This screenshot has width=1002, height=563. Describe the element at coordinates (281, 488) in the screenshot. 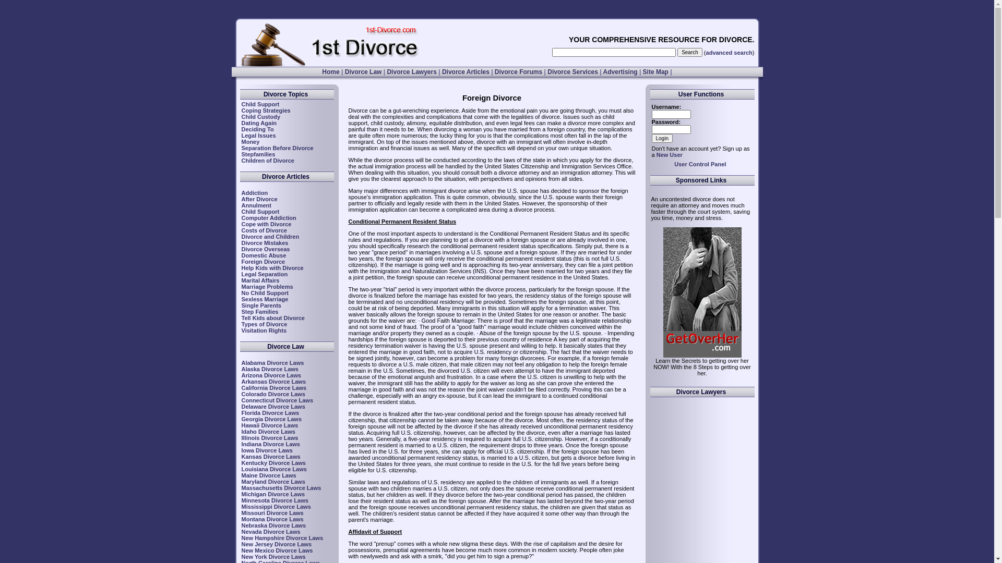

I see `'Massachusetts Divorce Laws'` at that location.